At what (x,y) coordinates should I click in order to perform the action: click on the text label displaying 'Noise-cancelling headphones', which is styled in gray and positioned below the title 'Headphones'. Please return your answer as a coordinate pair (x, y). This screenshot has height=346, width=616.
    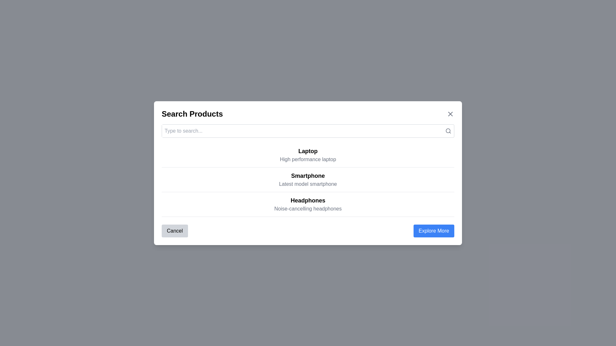
    Looking at the image, I should click on (308, 209).